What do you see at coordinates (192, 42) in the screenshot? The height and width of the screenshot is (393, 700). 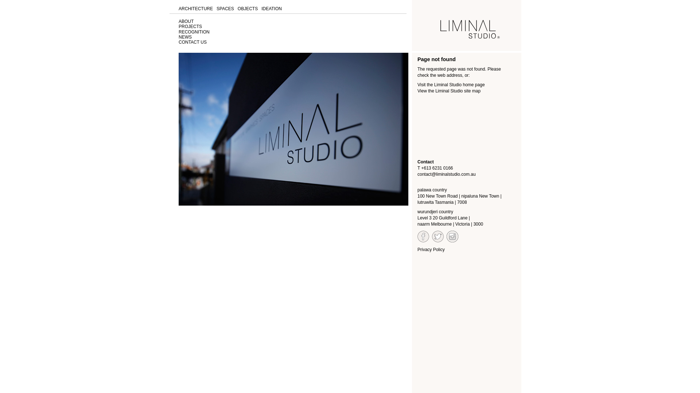 I see `'CONTACT US'` at bounding box center [192, 42].